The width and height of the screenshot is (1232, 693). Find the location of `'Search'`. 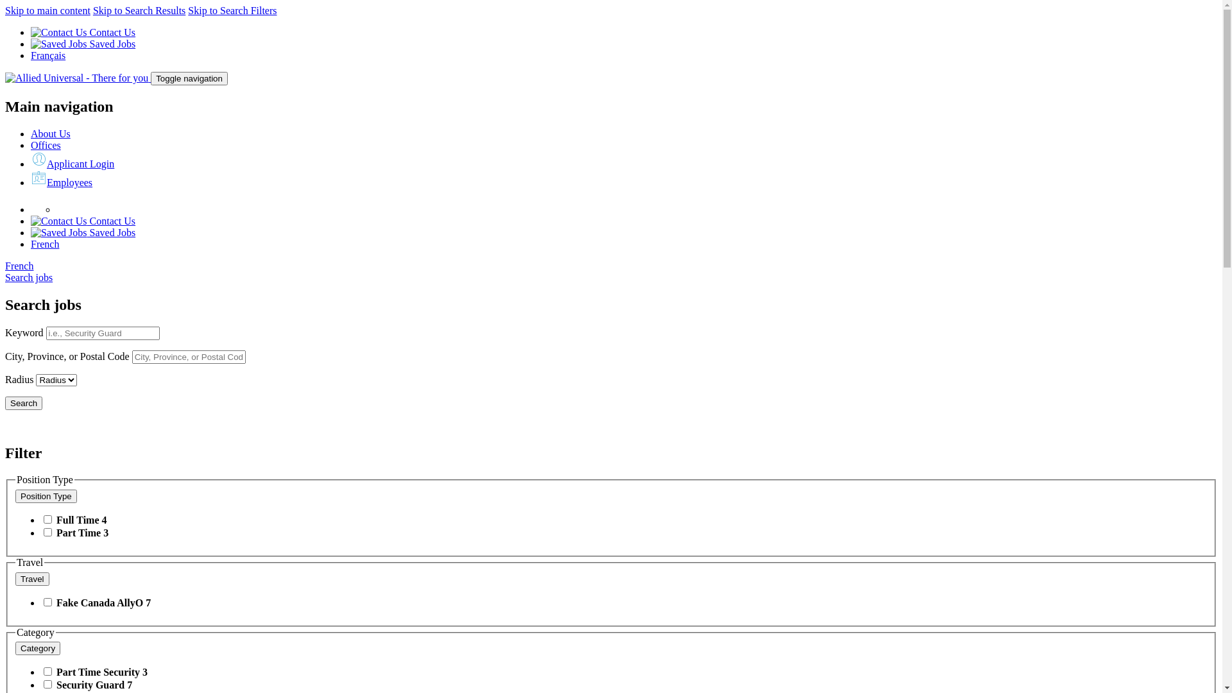

'Search' is located at coordinates (24, 402).